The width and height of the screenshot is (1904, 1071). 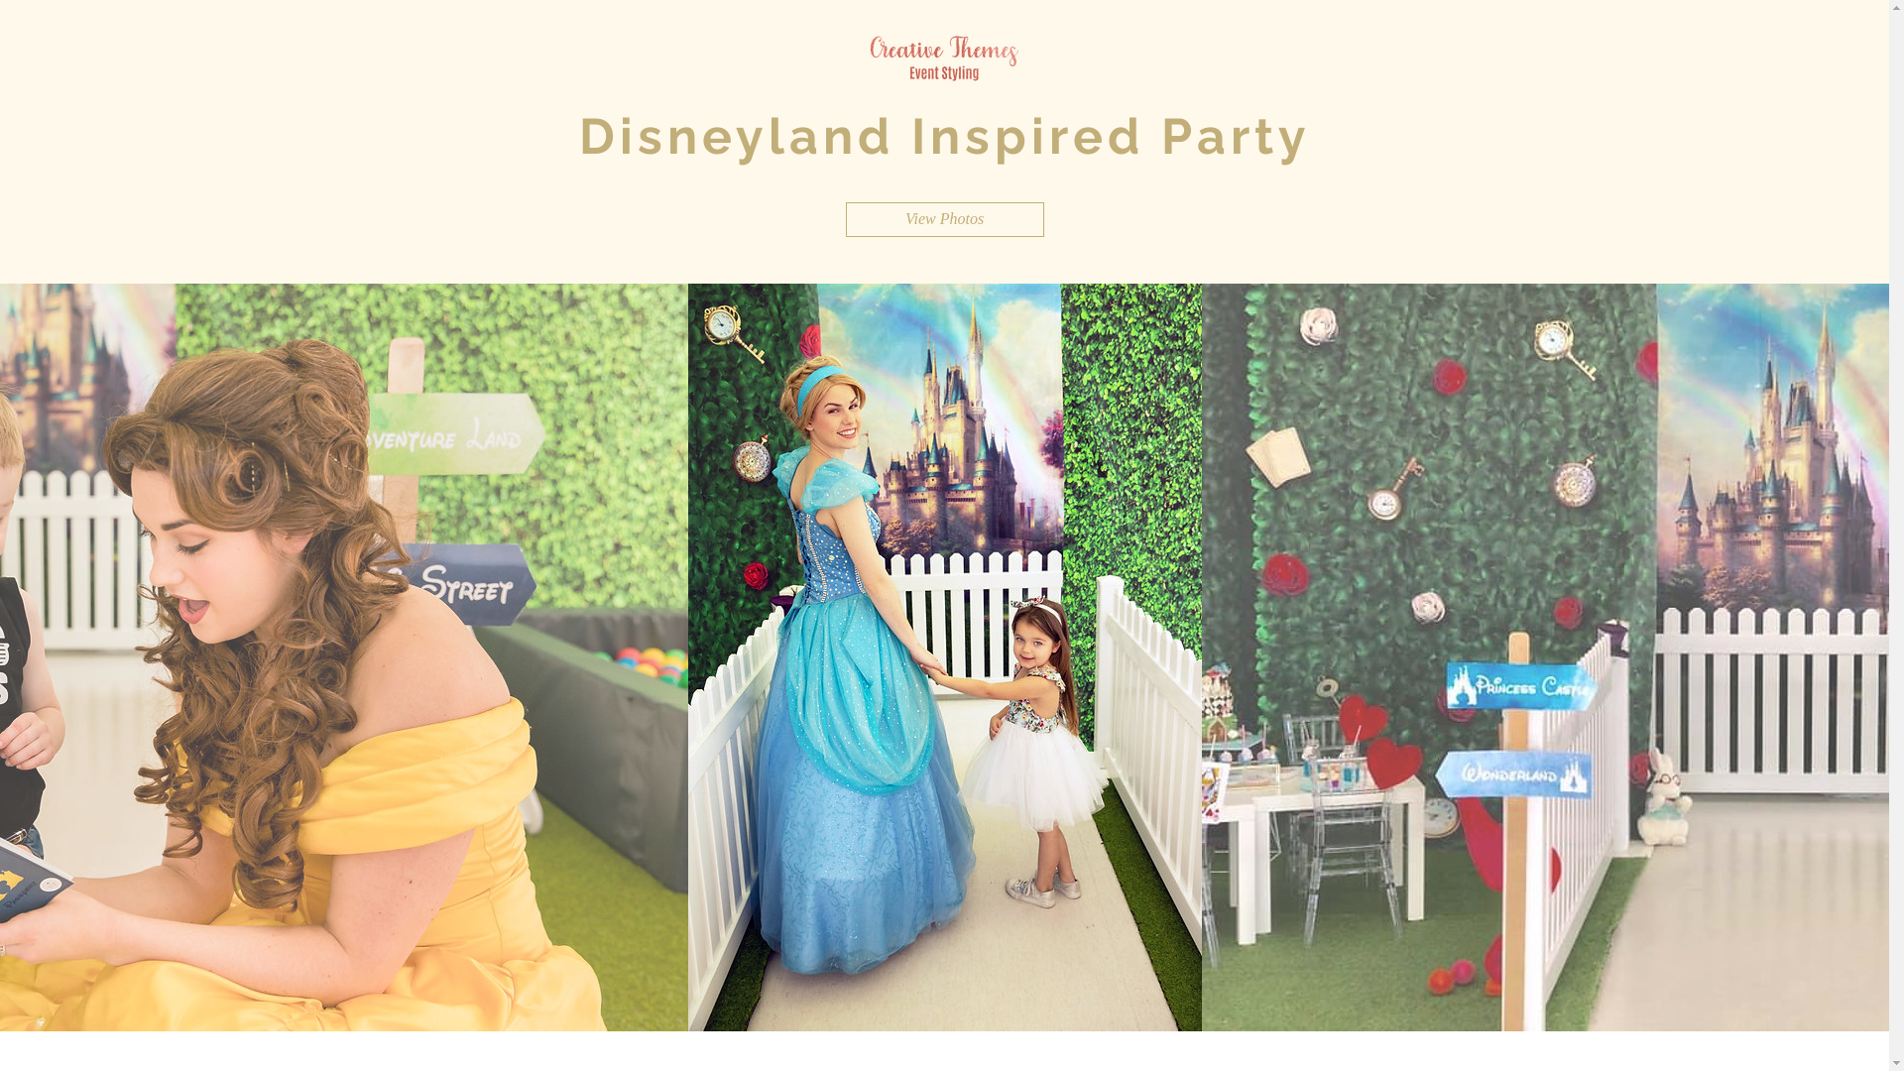 What do you see at coordinates (942, 219) in the screenshot?
I see `'View Photos'` at bounding box center [942, 219].